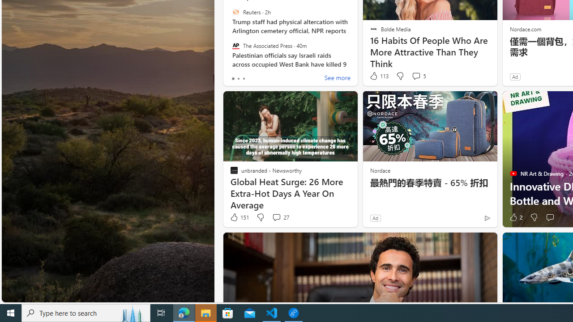 This screenshot has width=573, height=322. What do you see at coordinates (280, 217) in the screenshot?
I see `'View comments 27 Comment'` at bounding box center [280, 217].